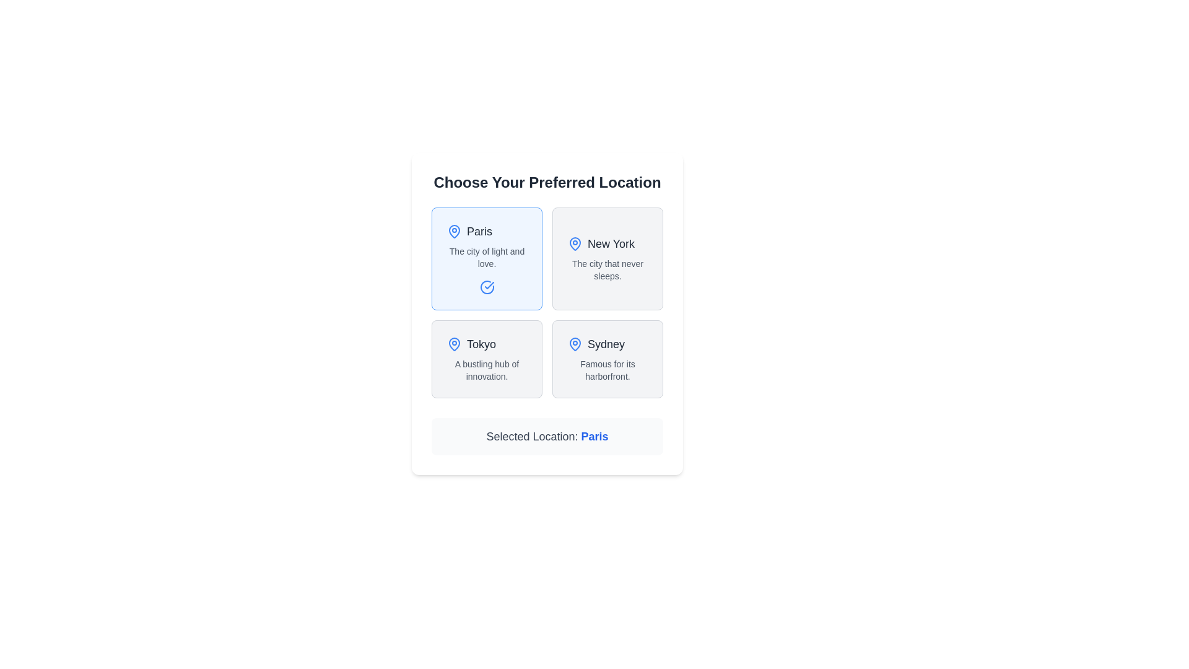 The height and width of the screenshot is (669, 1189). What do you see at coordinates (594, 436) in the screenshot?
I see `the text element displaying the currently selected location, which is part of the phrase 'Selected Location: Paris.'` at bounding box center [594, 436].